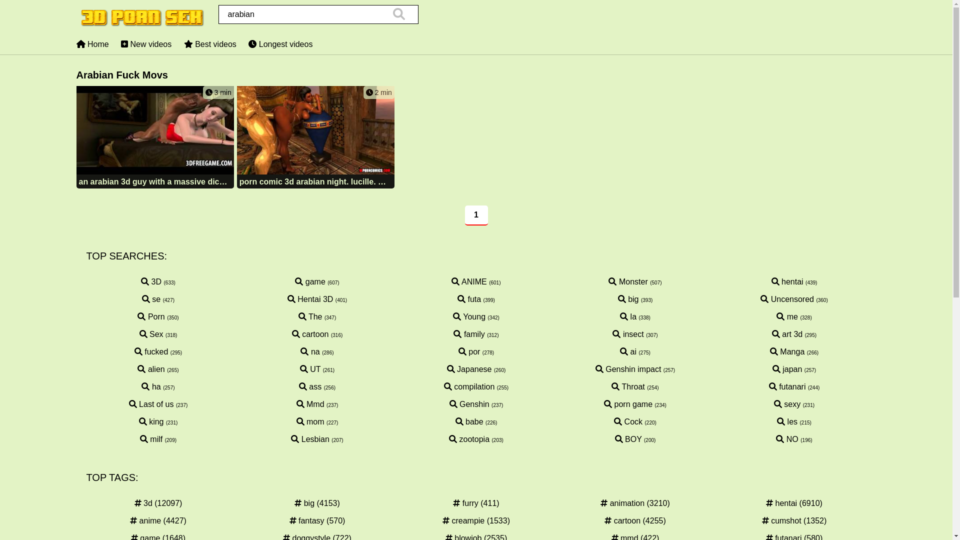 The height and width of the screenshot is (540, 960). What do you see at coordinates (136, 369) in the screenshot?
I see `'alien'` at bounding box center [136, 369].